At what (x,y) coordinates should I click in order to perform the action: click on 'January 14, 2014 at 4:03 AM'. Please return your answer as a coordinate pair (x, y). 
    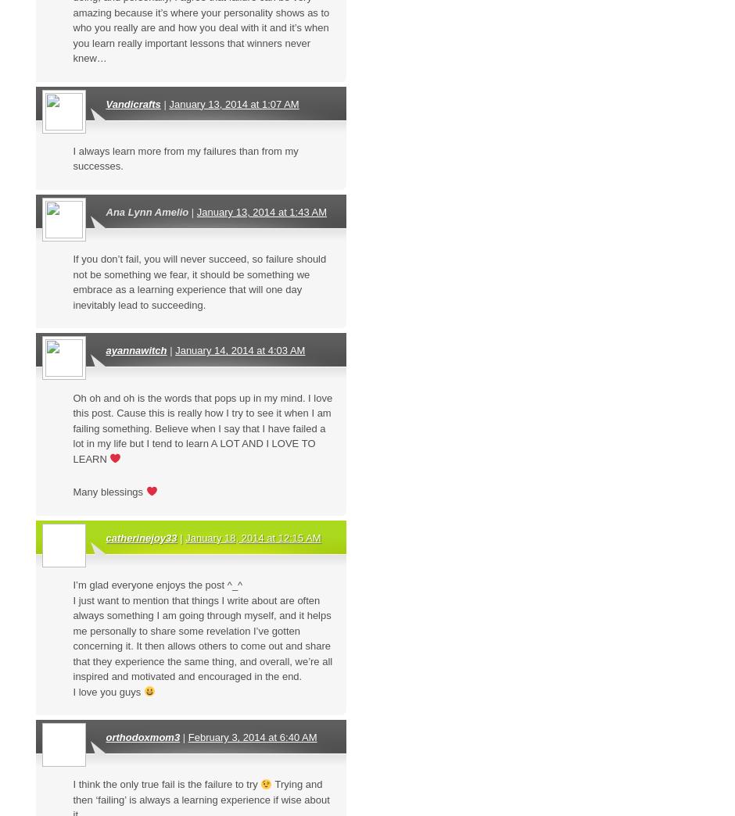
    Looking at the image, I should click on (239, 349).